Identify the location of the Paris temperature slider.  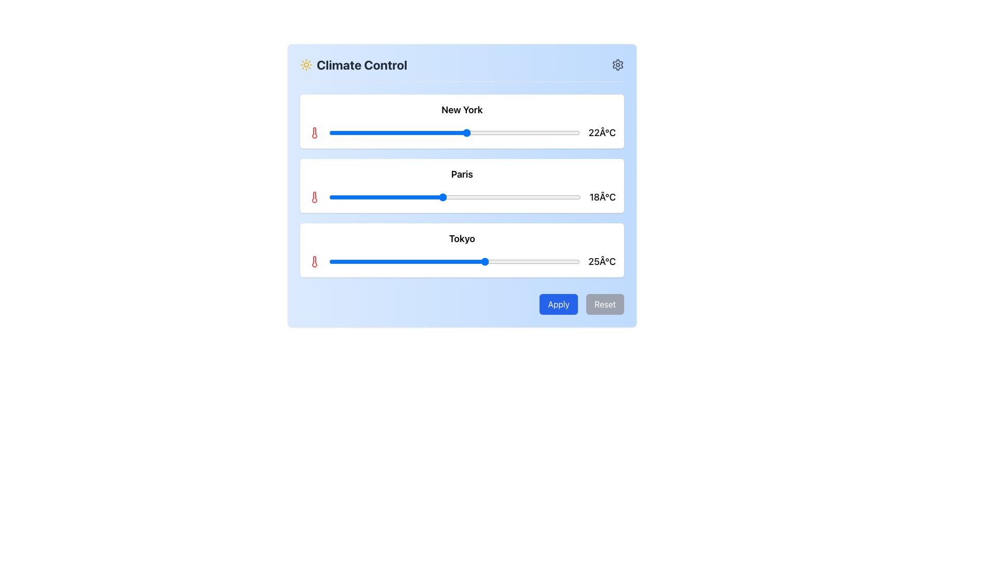
(379, 197).